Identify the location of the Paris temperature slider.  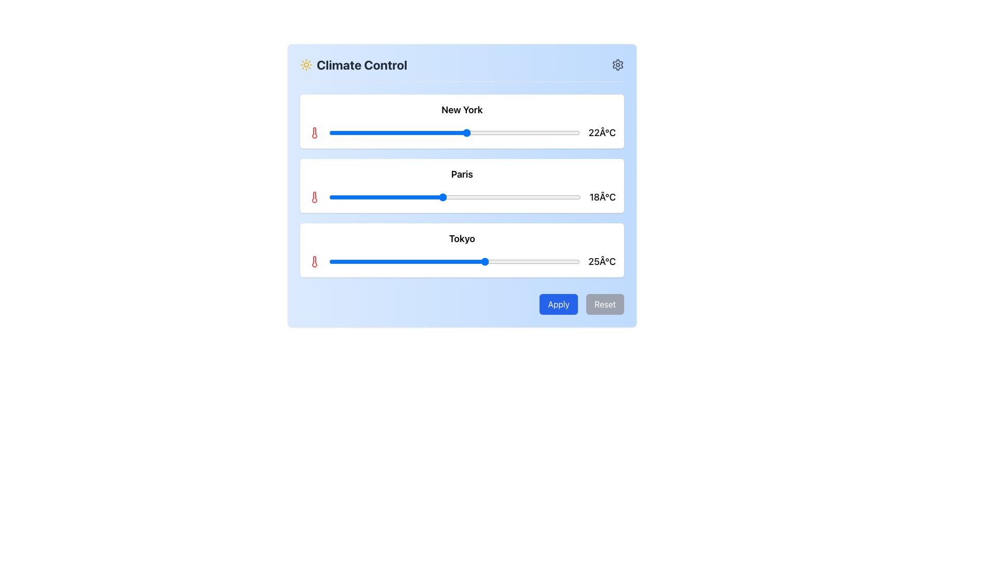
(379, 197).